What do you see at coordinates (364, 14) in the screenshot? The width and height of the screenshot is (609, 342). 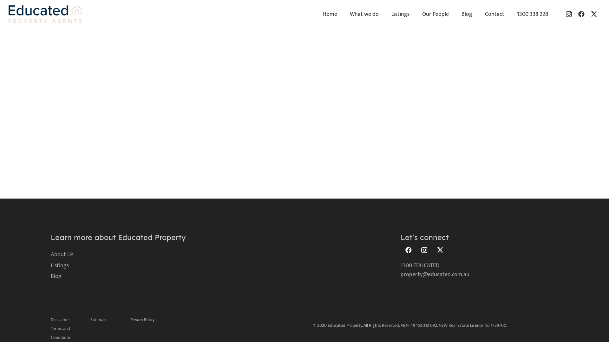 I see `'What we do'` at bounding box center [364, 14].